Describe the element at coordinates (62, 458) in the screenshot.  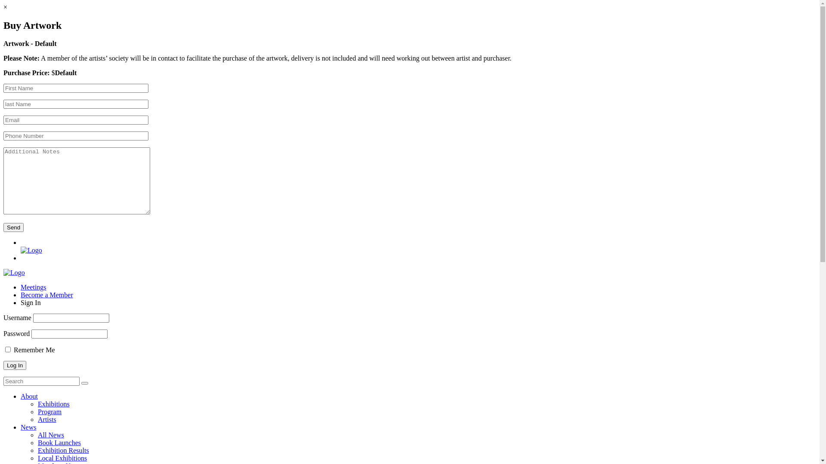
I see `'Local Exhibitions'` at that location.